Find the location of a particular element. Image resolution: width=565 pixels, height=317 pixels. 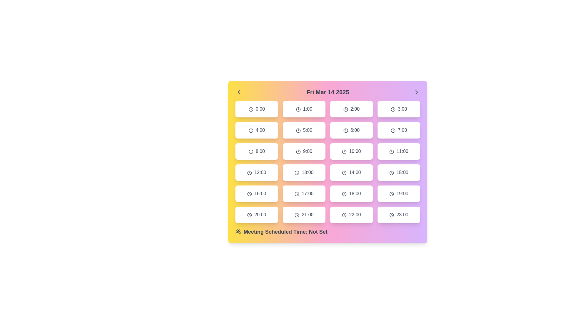

the back navigation button (Chevron Icon) located on the far-left side of the header section is located at coordinates (239, 92).